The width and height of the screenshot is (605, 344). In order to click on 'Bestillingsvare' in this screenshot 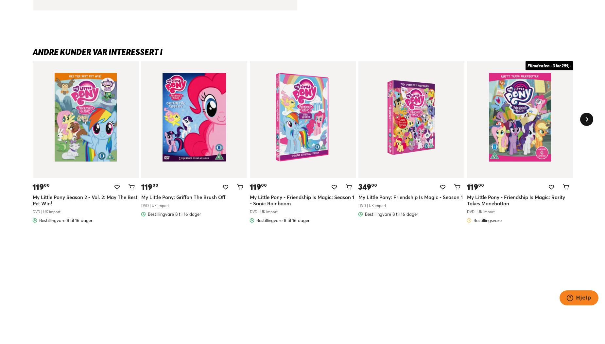, I will do `click(487, 219)`.